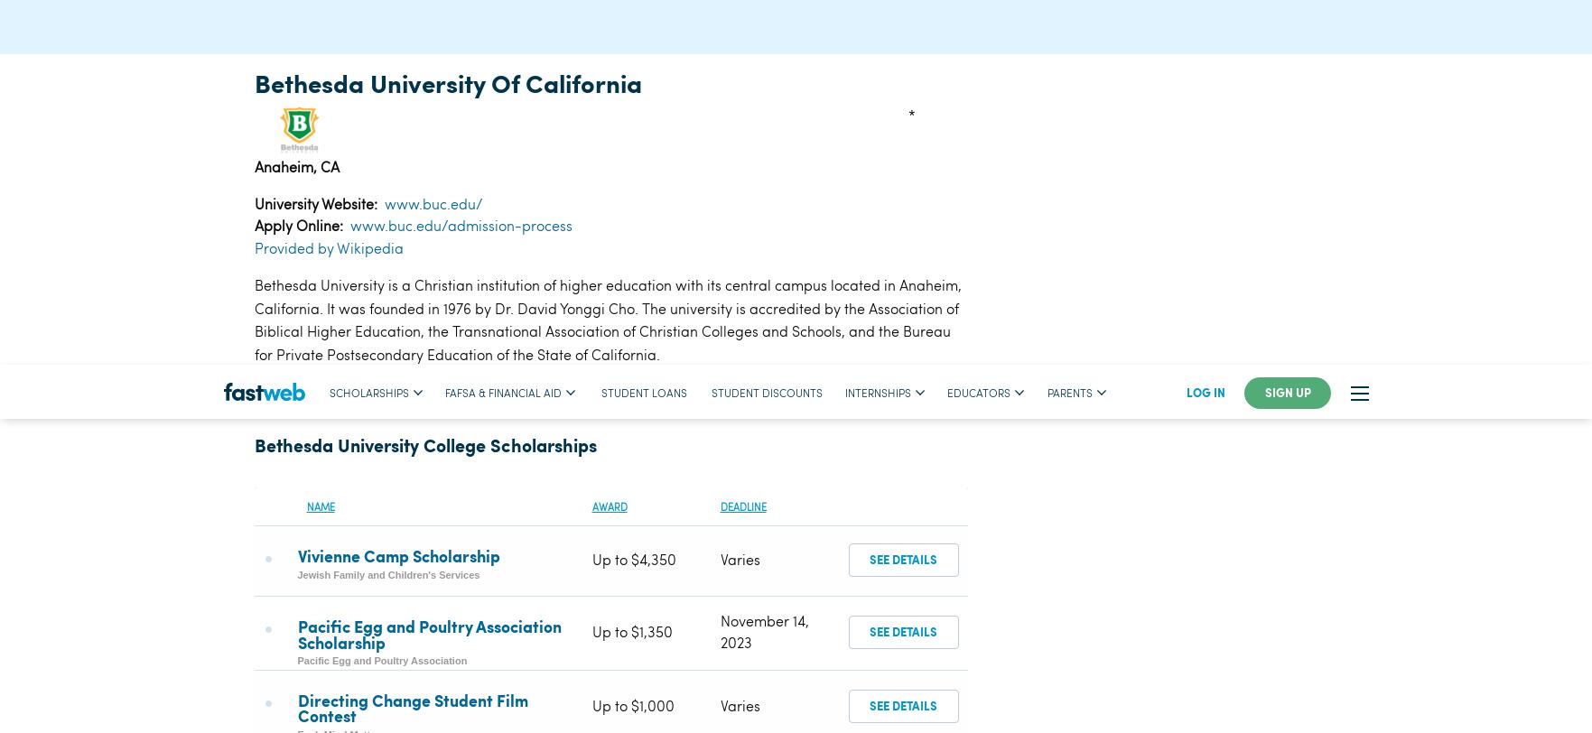 Image resolution: width=1592 pixels, height=733 pixels. Describe the element at coordinates (638, 413) in the screenshot. I see `'100% of tuition'` at that location.